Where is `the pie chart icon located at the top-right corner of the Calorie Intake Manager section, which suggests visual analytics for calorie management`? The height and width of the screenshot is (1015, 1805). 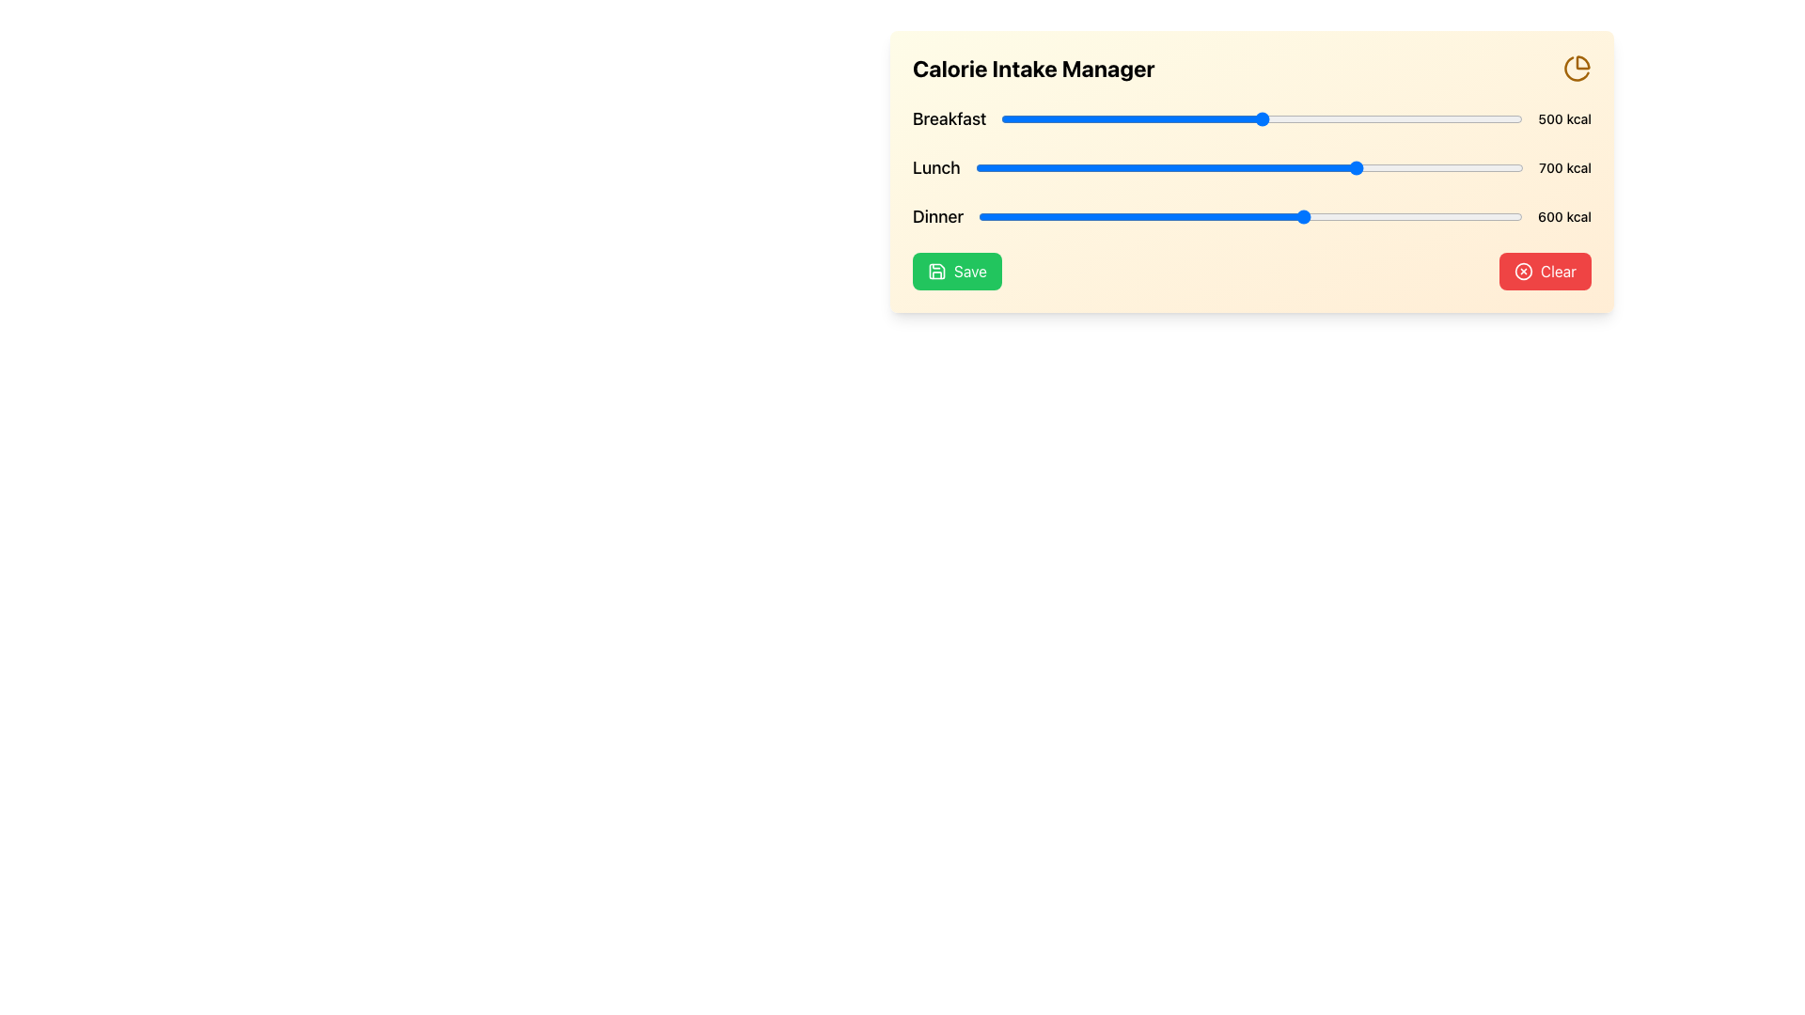
the pie chart icon located at the top-right corner of the Calorie Intake Manager section, which suggests visual analytics for calorie management is located at coordinates (1577, 68).